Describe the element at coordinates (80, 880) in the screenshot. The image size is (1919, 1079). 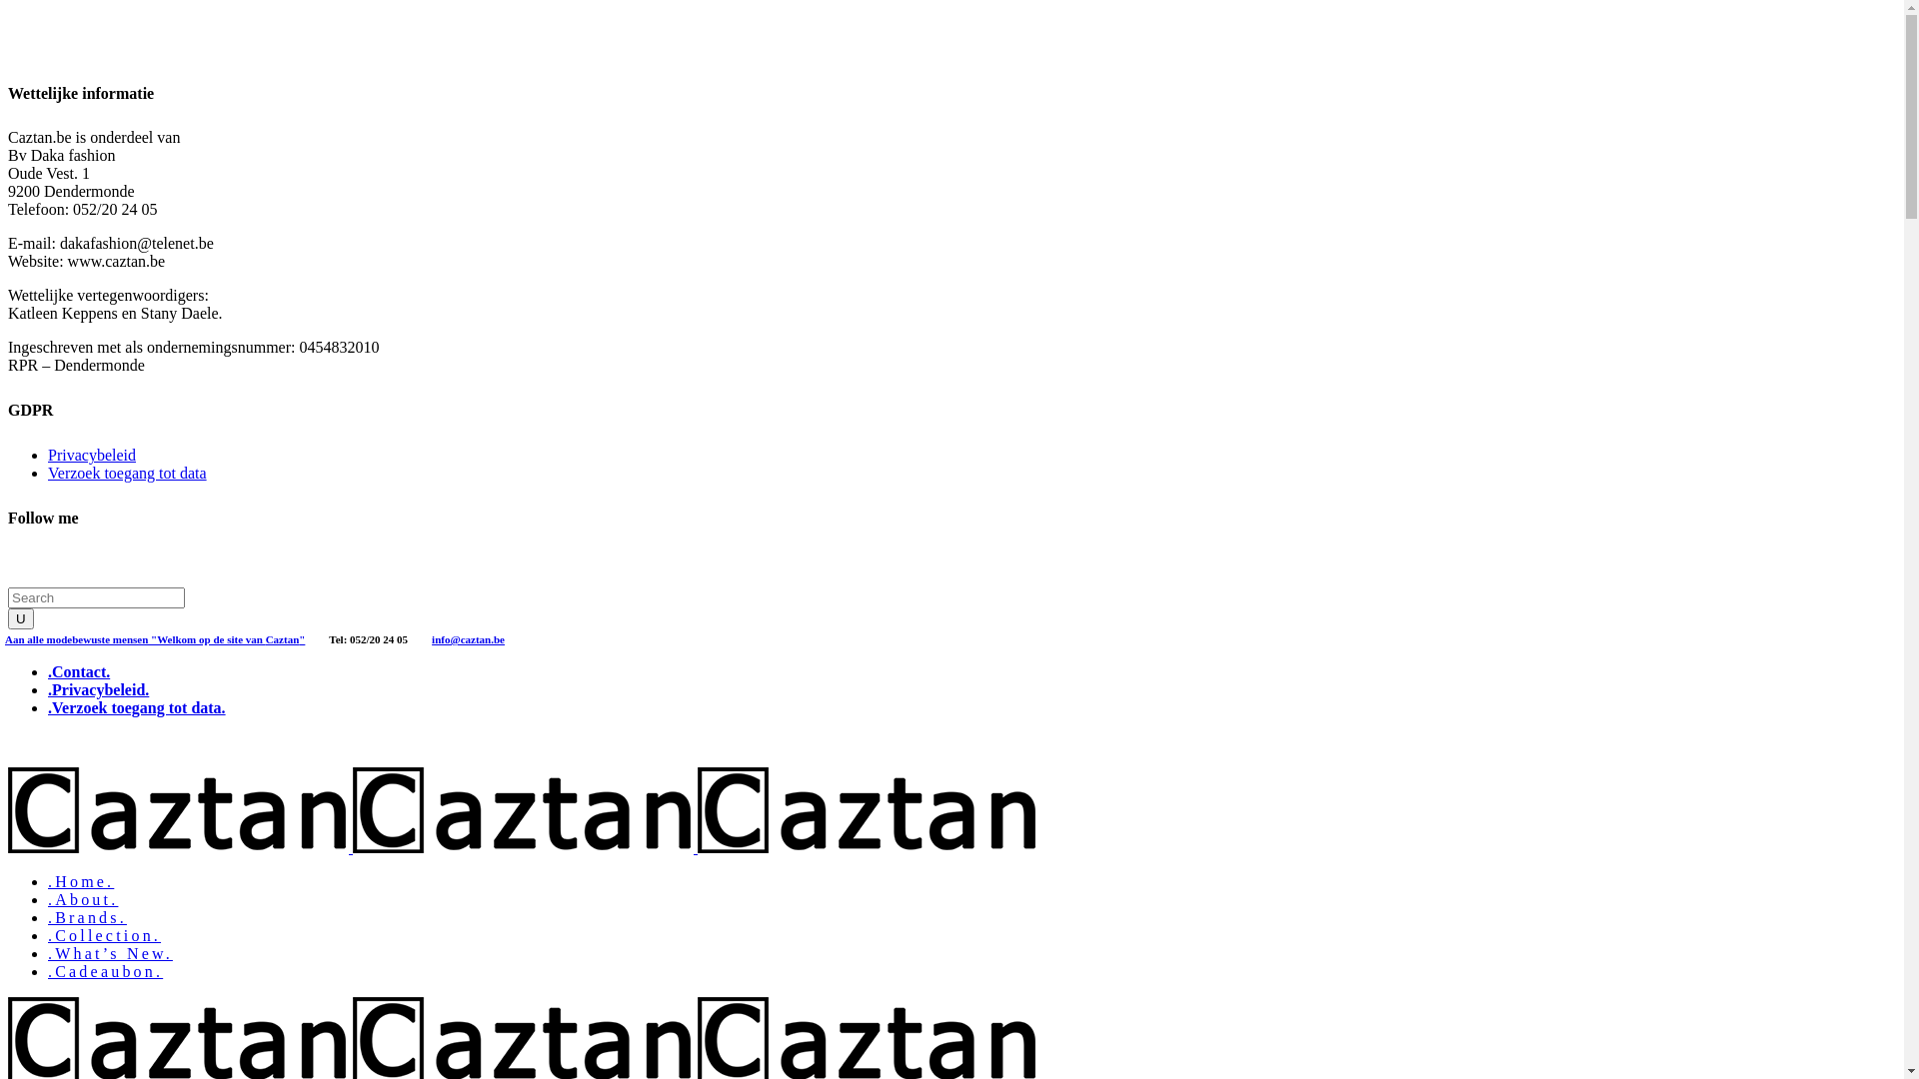
I see `'.Home.'` at that location.